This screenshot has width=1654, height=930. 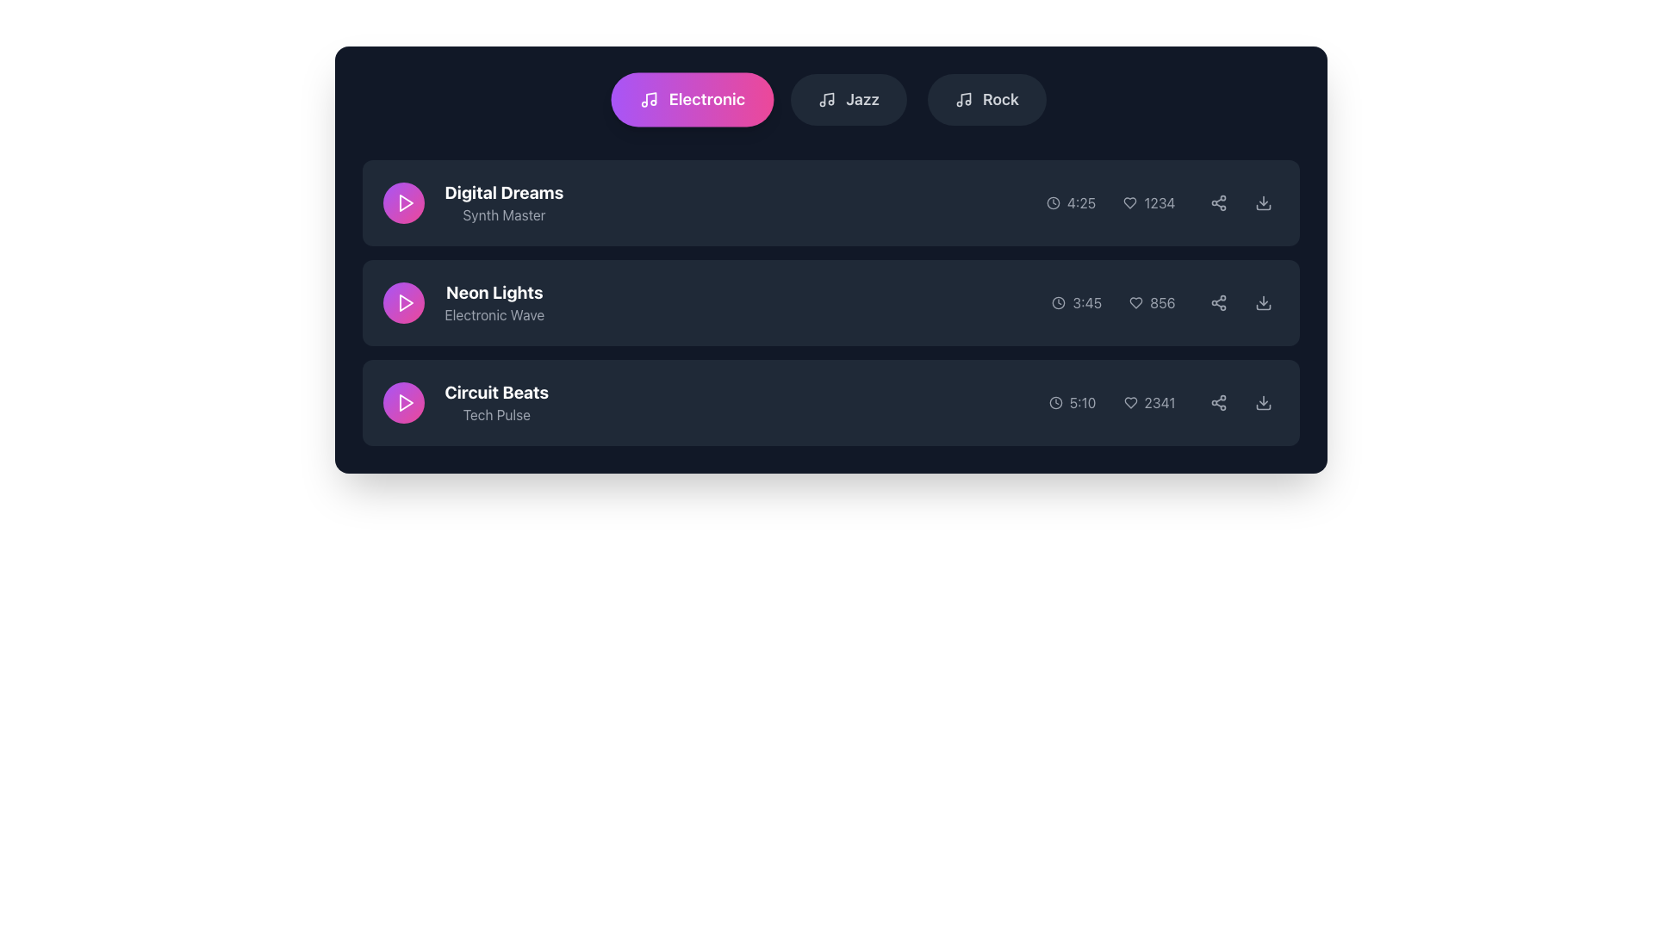 What do you see at coordinates (463, 301) in the screenshot?
I see `the text block element titled 'Neon Lights' with subtitle 'Electronic Wave' located in the second item of the list of tracks in the 'Electronic' category` at bounding box center [463, 301].